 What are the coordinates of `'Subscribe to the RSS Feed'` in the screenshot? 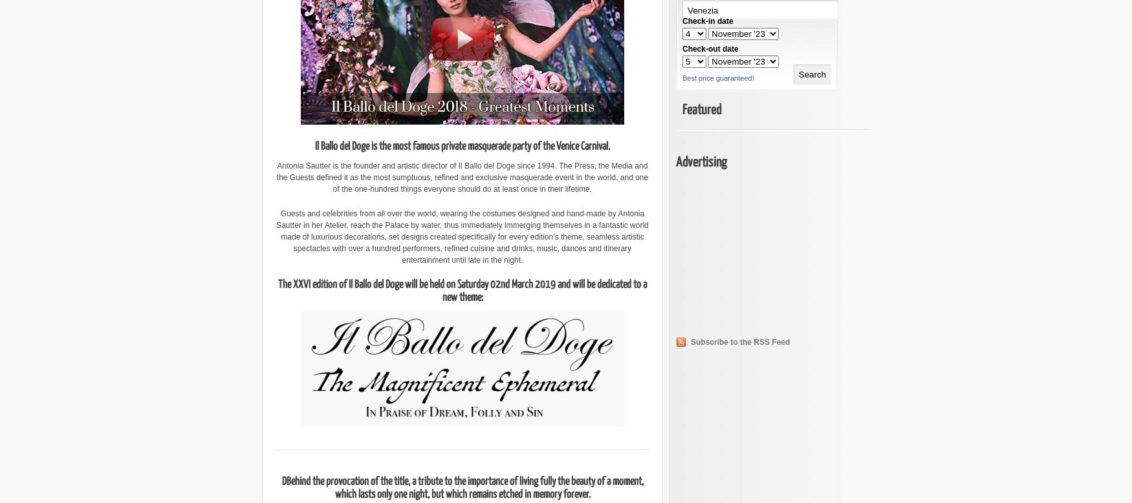 It's located at (739, 342).